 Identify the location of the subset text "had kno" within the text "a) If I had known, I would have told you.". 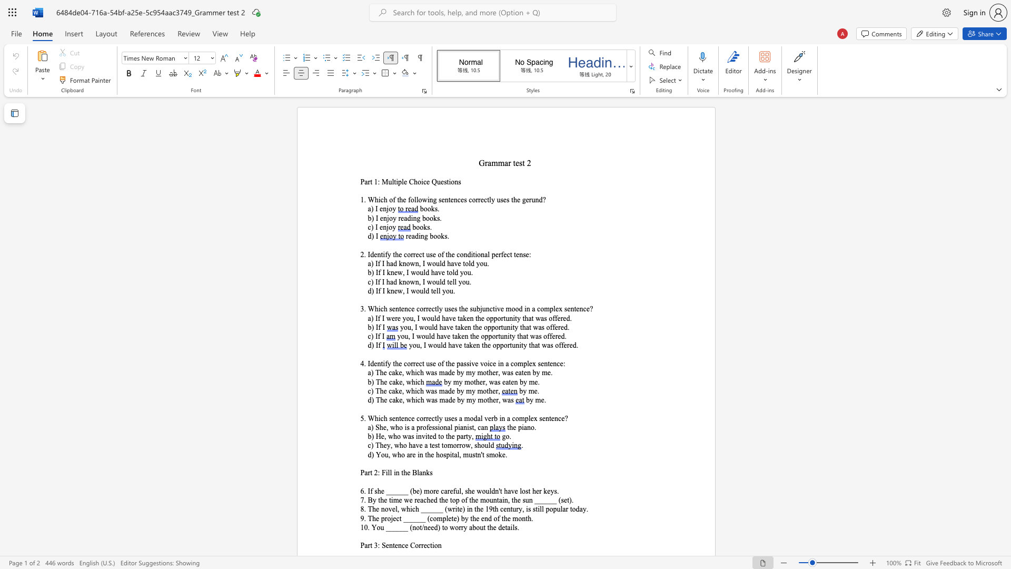
(385, 263).